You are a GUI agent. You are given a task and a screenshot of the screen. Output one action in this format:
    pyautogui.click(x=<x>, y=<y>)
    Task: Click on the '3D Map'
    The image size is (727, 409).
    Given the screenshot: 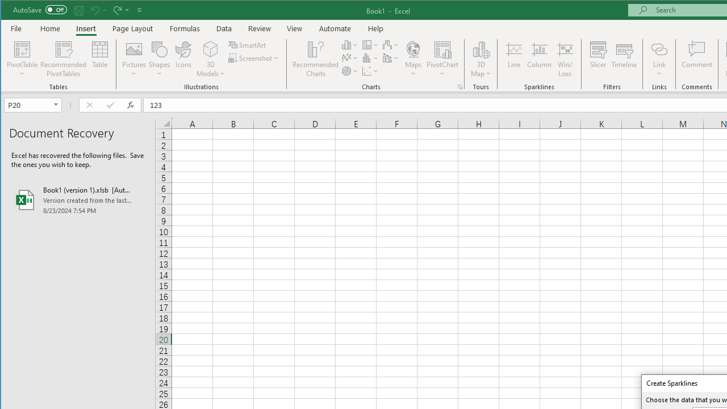 What is the action you would take?
    pyautogui.click(x=481, y=59)
    